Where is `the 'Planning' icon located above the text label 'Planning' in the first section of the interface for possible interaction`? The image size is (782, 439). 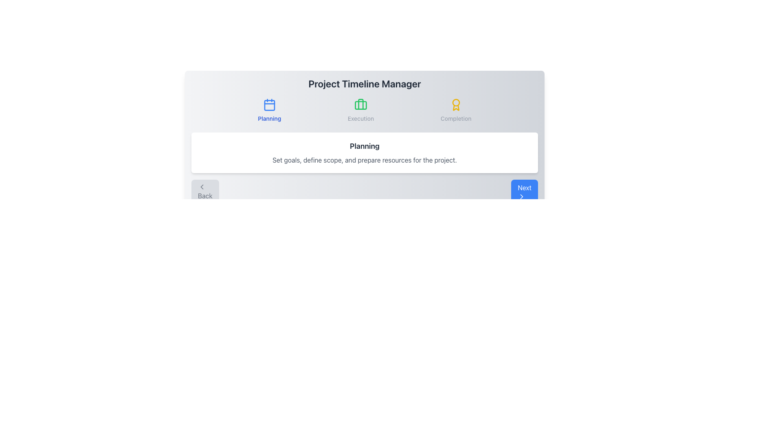 the 'Planning' icon located above the text label 'Planning' in the first section of the interface for possible interaction is located at coordinates (269, 104).